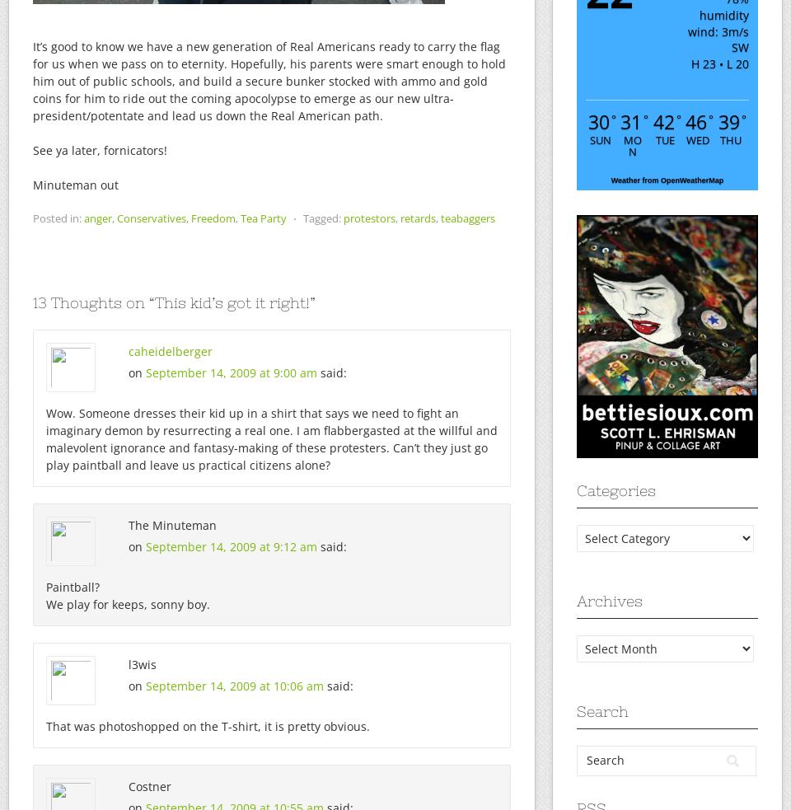 The height and width of the screenshot is (810, 791). Describe the element at coordinates (150, 786) in the screenshot. I see `'Costner'` at that location.